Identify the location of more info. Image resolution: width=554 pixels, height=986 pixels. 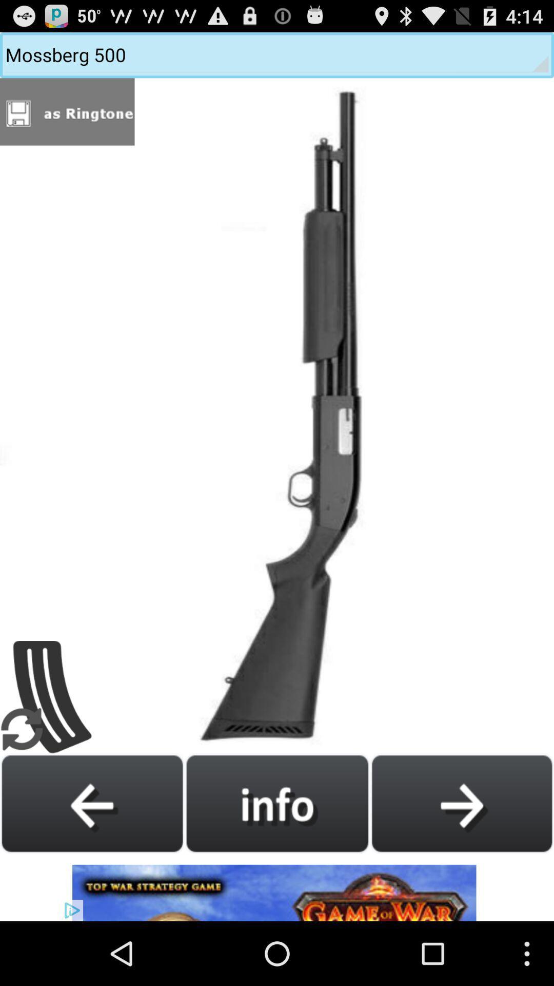
(277, 803).